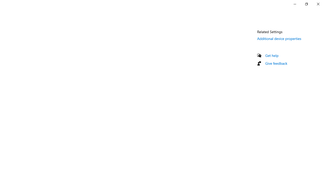 The height and width of the screenshot is (182, 324). Describe the element at coordinates (272, 55) in the screenshot. I see `'Get help'` at that location.